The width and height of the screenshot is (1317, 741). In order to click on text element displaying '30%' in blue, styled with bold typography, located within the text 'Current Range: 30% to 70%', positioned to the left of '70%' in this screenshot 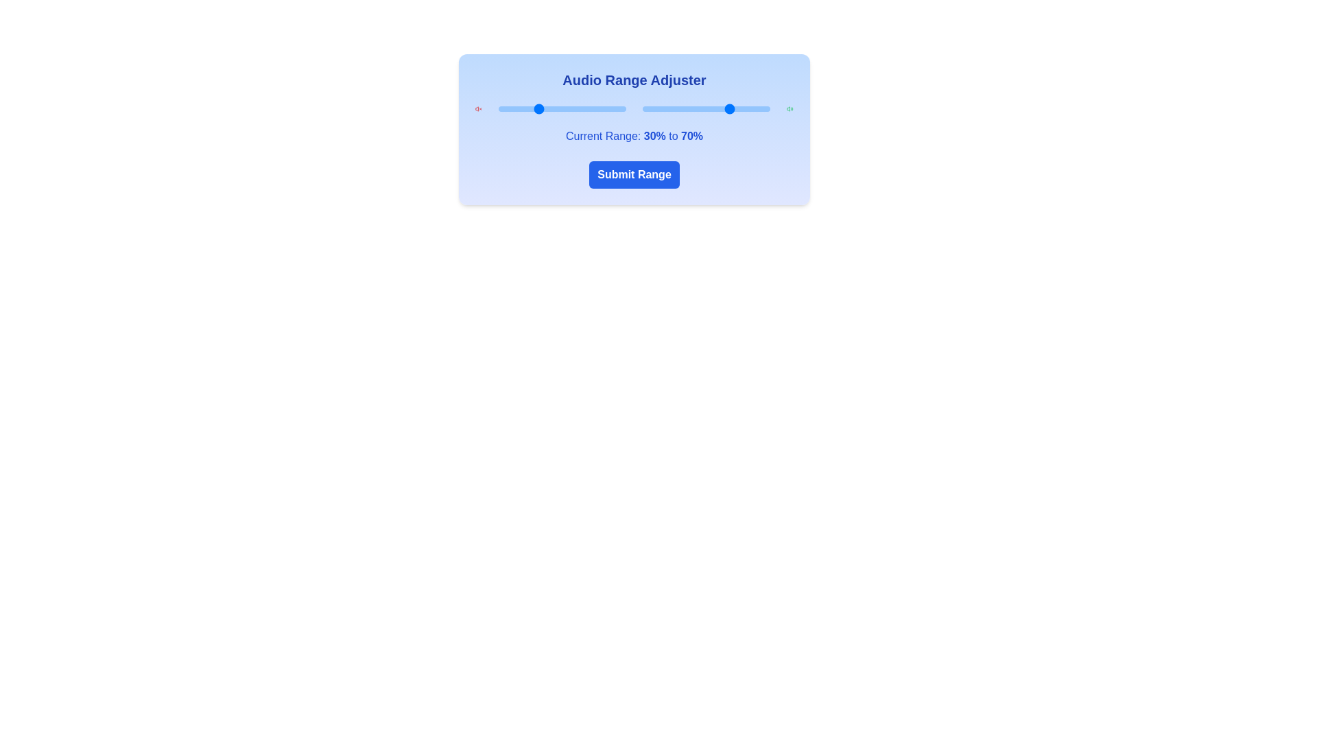, I will do `click(654, 136)`.